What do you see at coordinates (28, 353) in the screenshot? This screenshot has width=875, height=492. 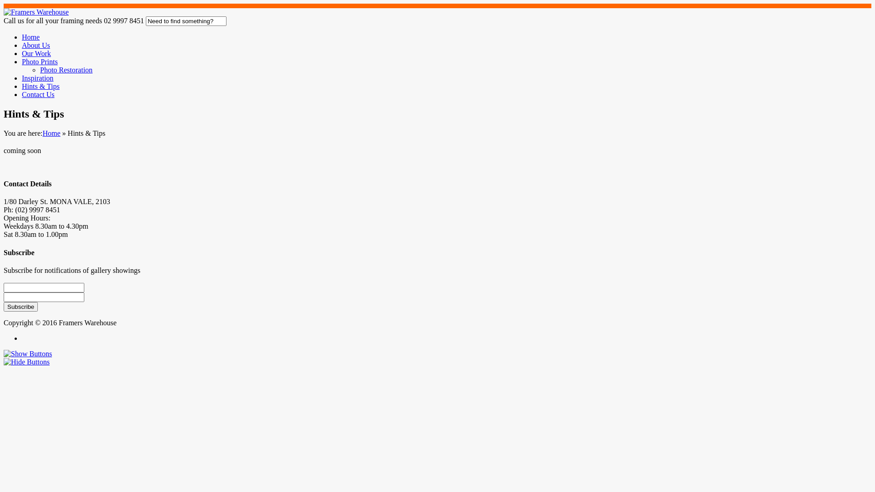 I see `'Show Buttons'` at bounding box center [28, 353].